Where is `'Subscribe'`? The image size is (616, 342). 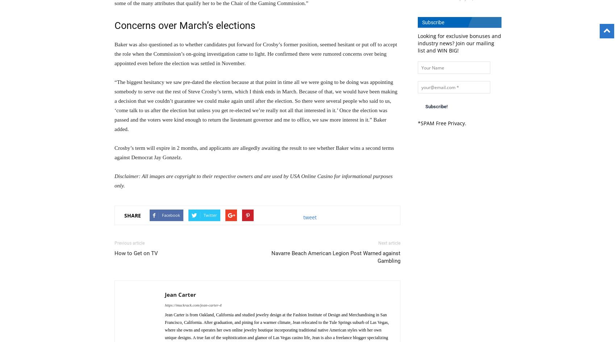
'Subscribe' is located at coordinates (433, 22).